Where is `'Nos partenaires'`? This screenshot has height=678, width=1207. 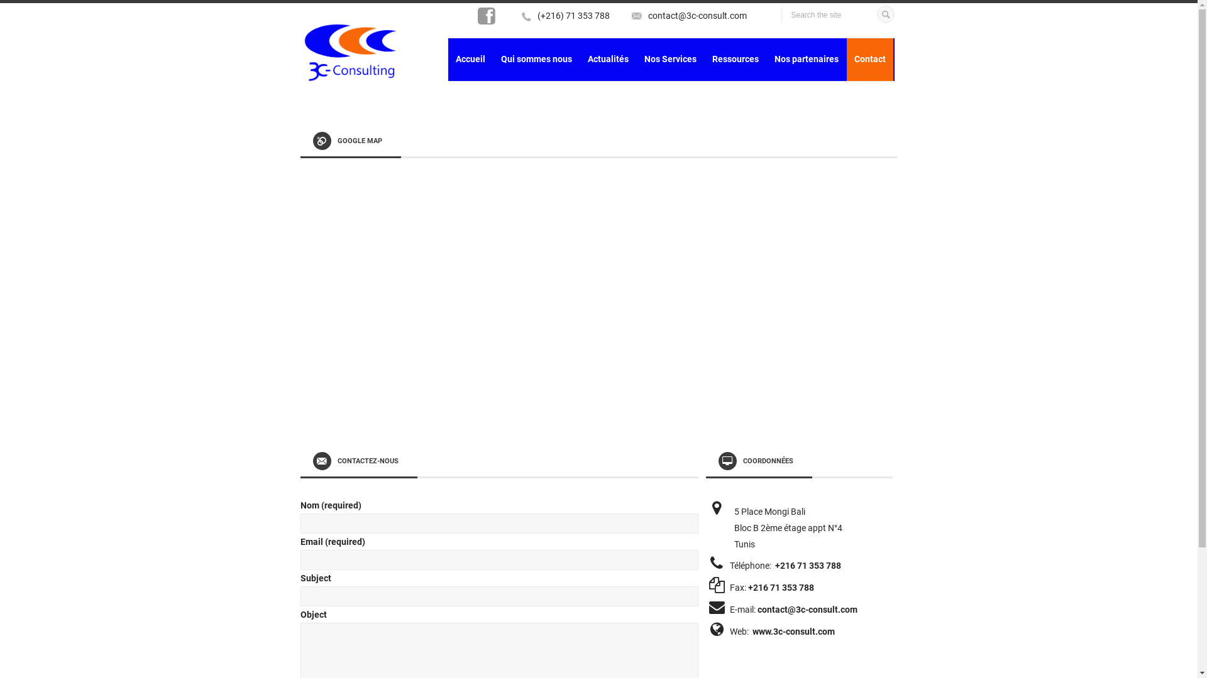 'Nos partenaires' is located at coordinates (766, 60).